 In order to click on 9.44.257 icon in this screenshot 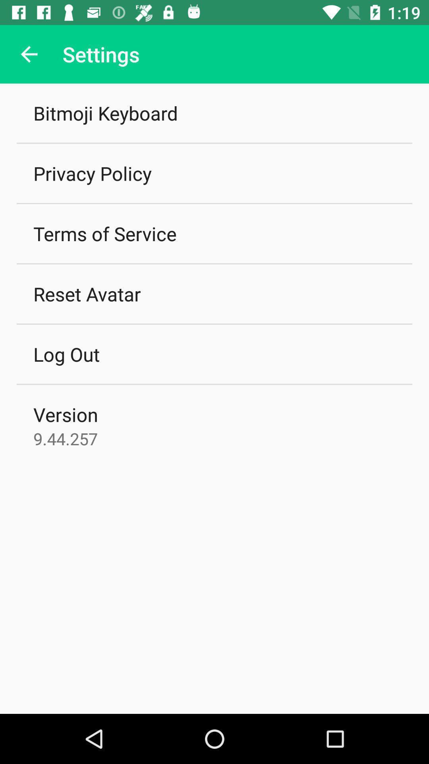, I will do `click(65, 438)`.